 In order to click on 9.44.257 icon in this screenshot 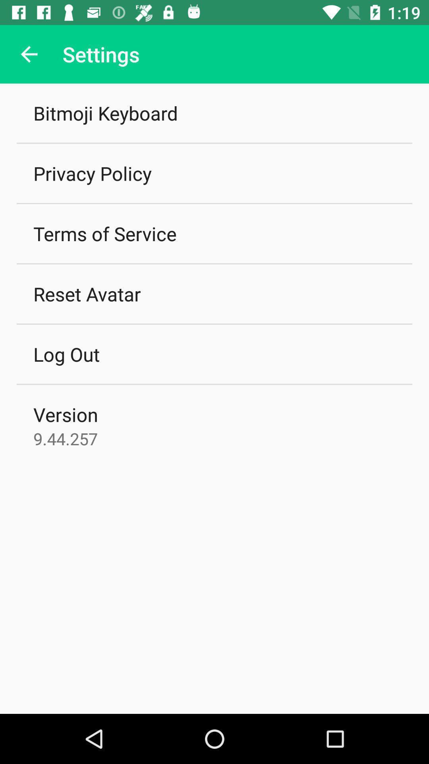, I will do `click(65, 438)`.